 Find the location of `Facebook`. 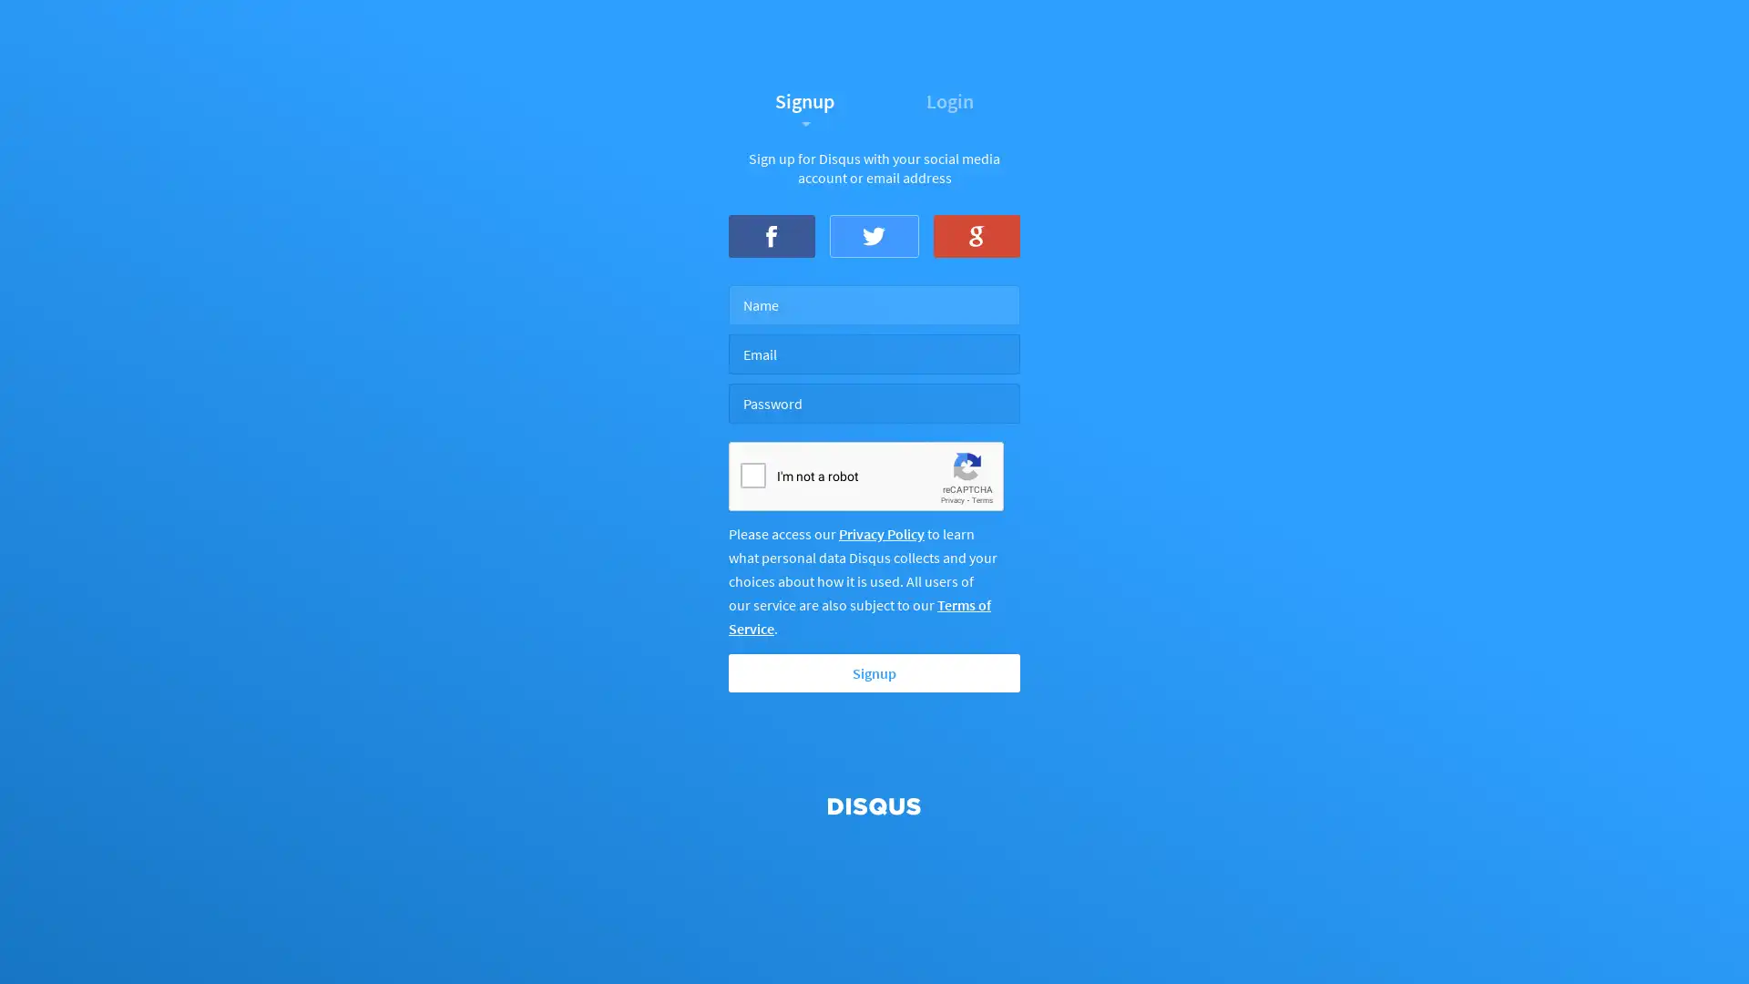

Facebook is located at coordinates (772, 234).